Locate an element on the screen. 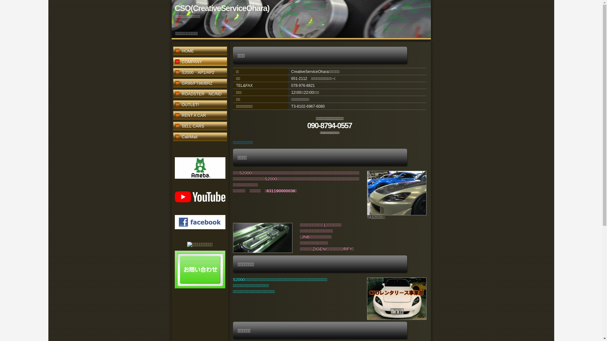 The image size is (607, 341). 'SELL CARS' is located at coordinates (199, 127).